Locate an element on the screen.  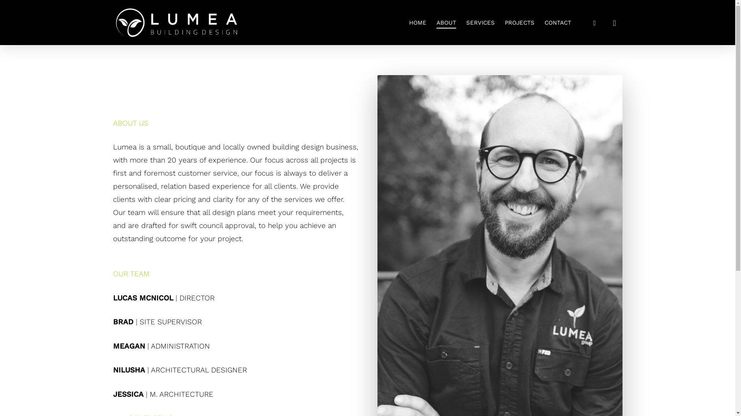
'SERVICES' is located at coordinates (480, 22).